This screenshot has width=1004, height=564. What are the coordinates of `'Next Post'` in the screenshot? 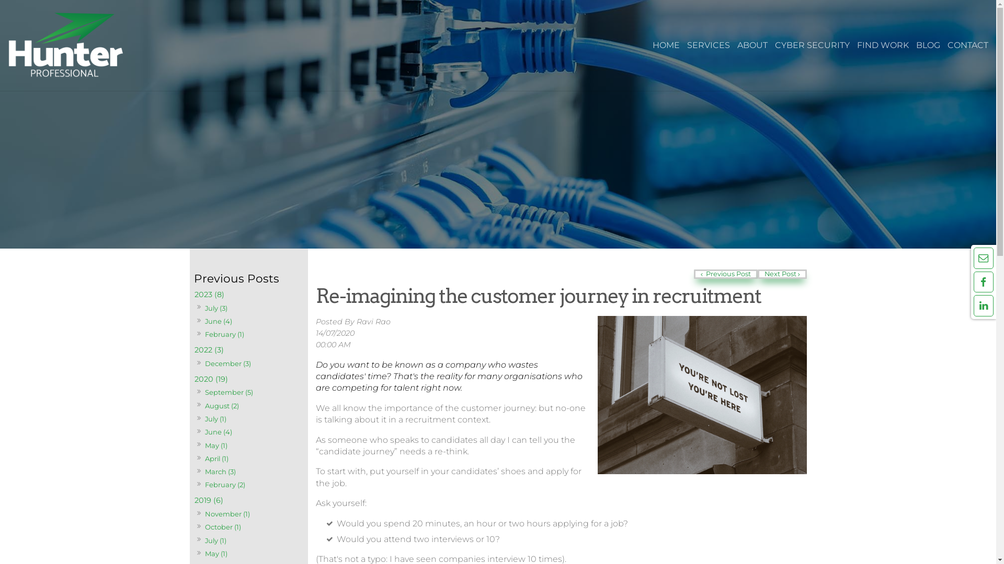 It's located at (782, 273).